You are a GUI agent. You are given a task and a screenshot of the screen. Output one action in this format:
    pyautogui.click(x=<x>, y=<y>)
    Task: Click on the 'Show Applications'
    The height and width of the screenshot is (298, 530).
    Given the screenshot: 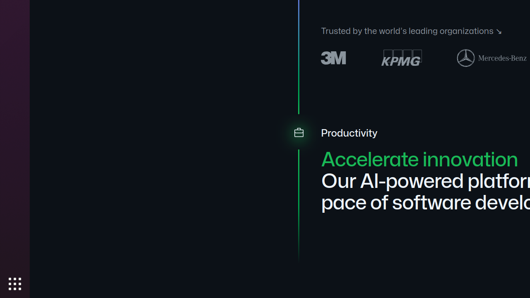 What is the action you would take?
    pyautogui.click(x=14, y=284)
    